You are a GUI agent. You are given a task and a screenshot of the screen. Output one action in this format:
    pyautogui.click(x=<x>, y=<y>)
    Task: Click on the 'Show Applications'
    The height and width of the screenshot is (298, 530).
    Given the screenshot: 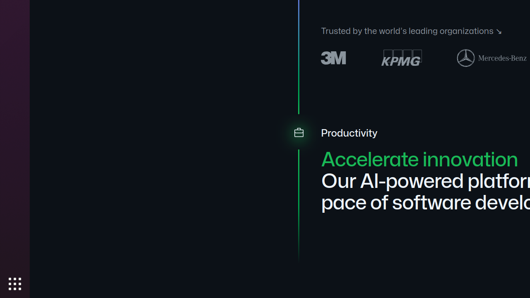 What is the action you would take?
    pyautogui.click(x=14, y=284)
    